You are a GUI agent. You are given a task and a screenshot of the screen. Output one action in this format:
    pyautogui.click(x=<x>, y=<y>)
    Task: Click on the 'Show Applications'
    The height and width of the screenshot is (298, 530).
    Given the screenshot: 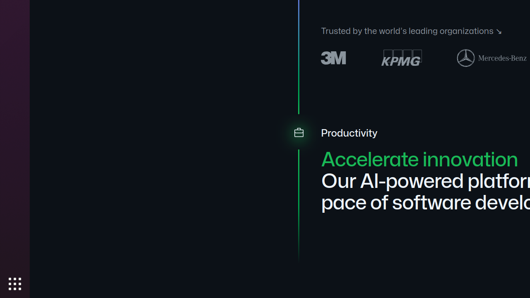 What is the action you would take?
    pyautogui.click(x=14, y=284)
    